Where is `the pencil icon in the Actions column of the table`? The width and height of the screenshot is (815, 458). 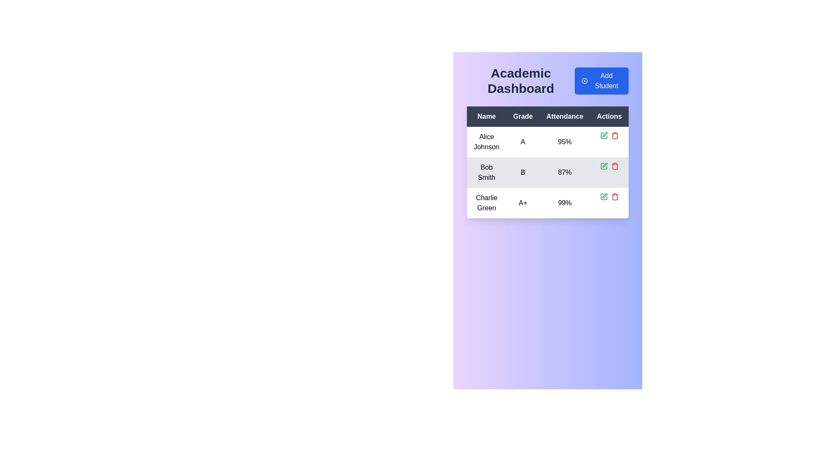 the pencil icon in the Actions column of the table is located at coordinates (604, 165).